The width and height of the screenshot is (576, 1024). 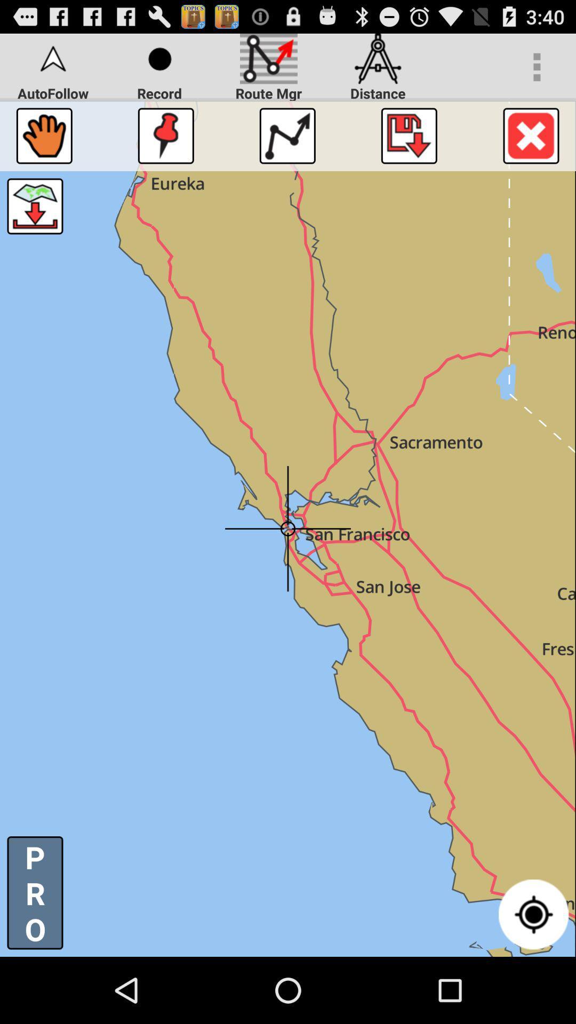 I want to click on app below the route mgr app, so click(x=287, y=135).